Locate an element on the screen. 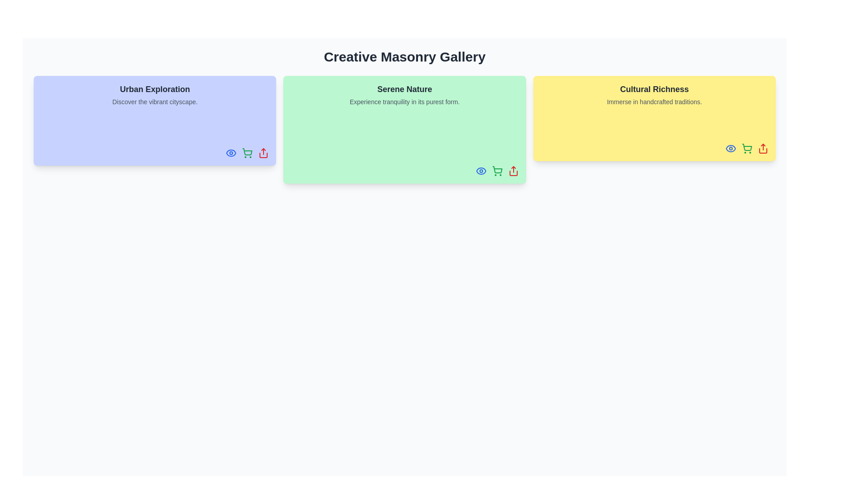  the middle icon of the three-icon group located at the bottom-right corner of the yellow rectangular card titled 'Cultural Richness' is located at coordinates (747, 148).